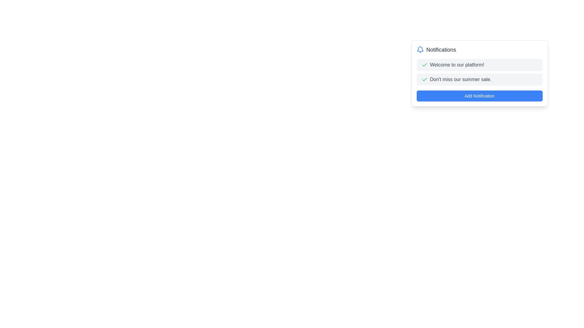 The image size is (584, 328). What do you see at coordinates (479, 79) in the screenshot?
I see `the text 'Don't miss our summer sale.' in the Notification Row` at bounding box center [479, 79].